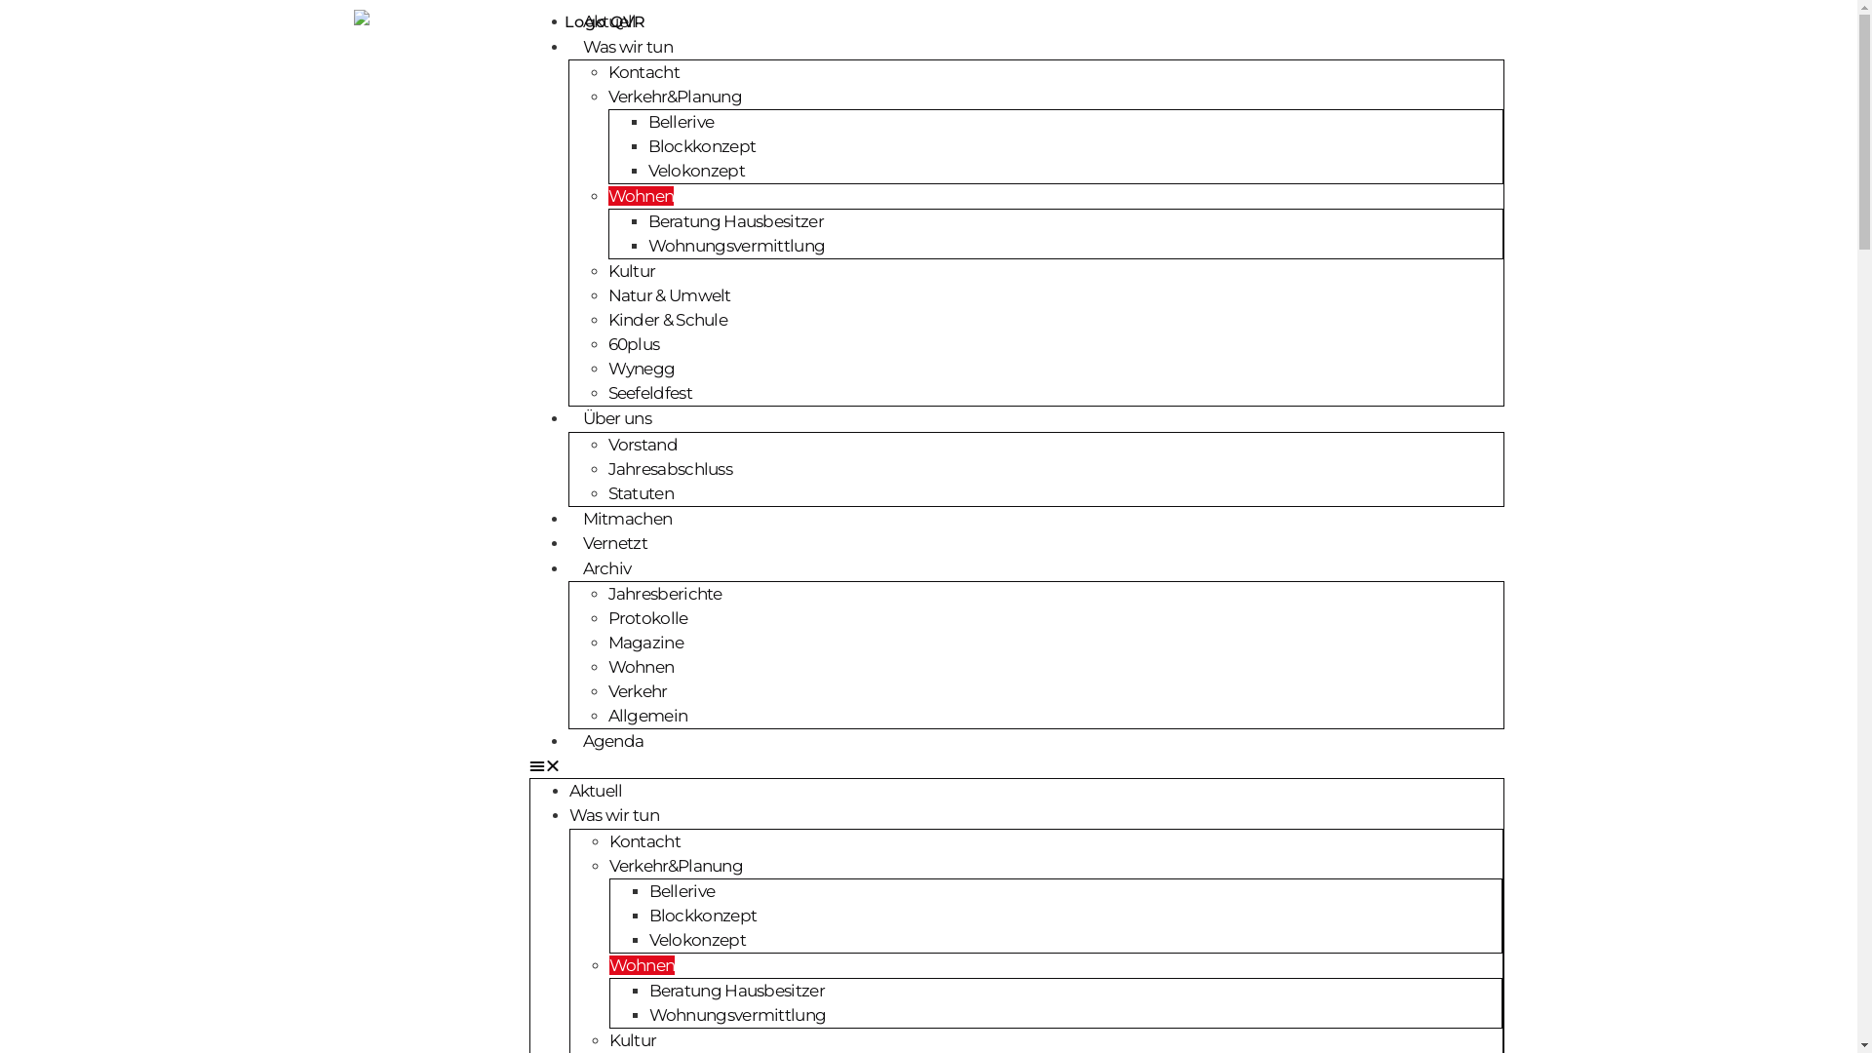  What do you see at coordinates (665, 593) in the screenshot?
I see `'Jahresberichte'` at bounding box center [665, 593].